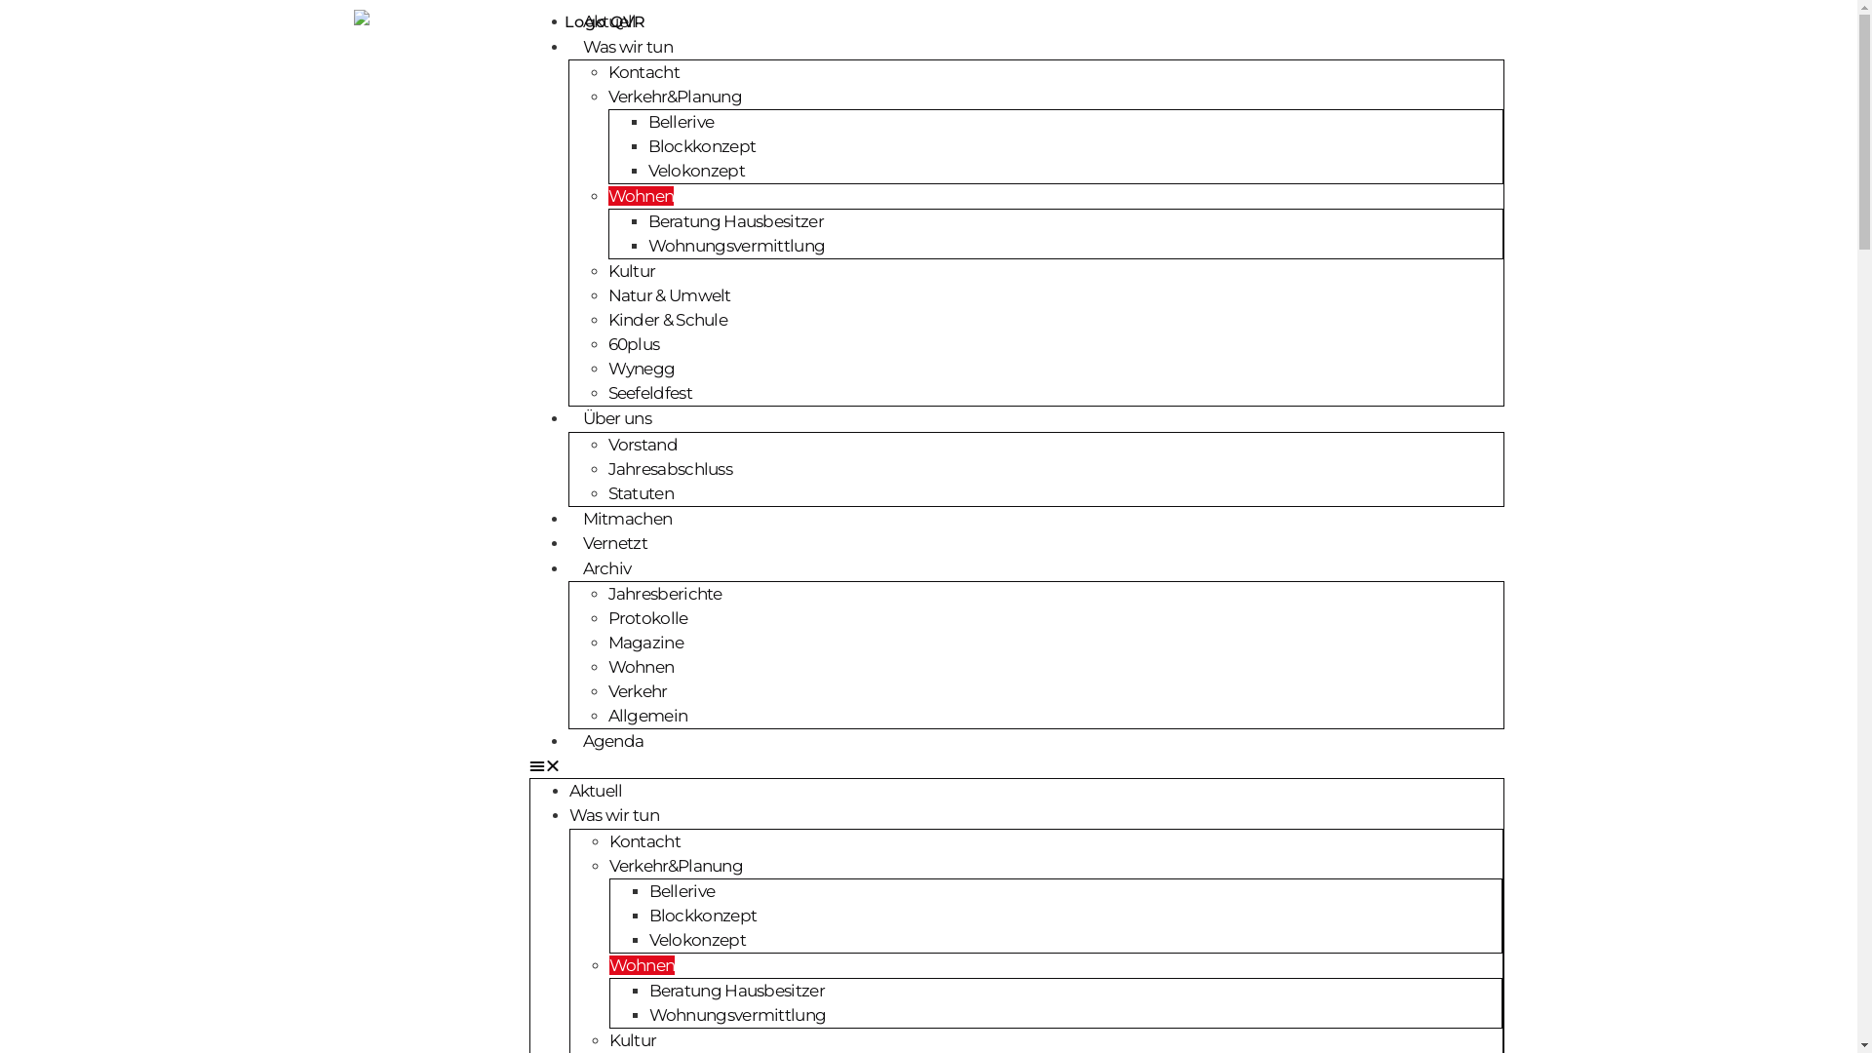  What do you see at coordinates (665, 593) in the screenshot?
I see `'Jahresberichte'` at bounding box center [665, 593].